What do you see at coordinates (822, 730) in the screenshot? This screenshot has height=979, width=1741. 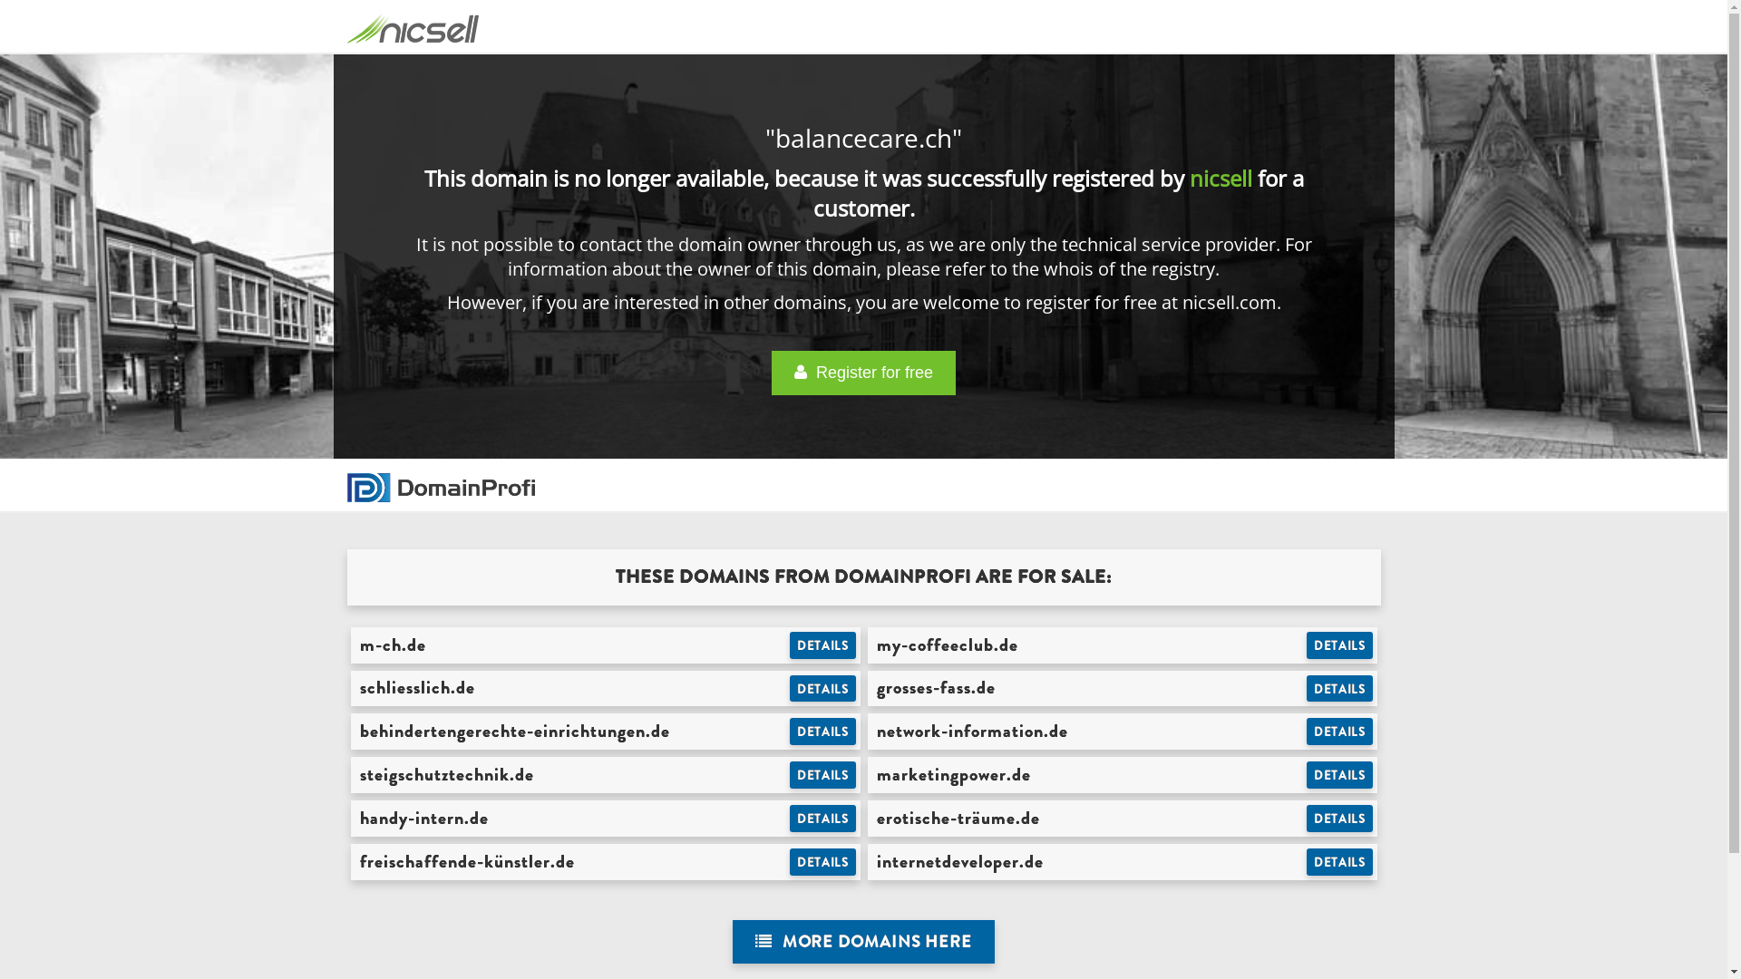 I see `'DETAILS'` at bounding box center [822, 730].